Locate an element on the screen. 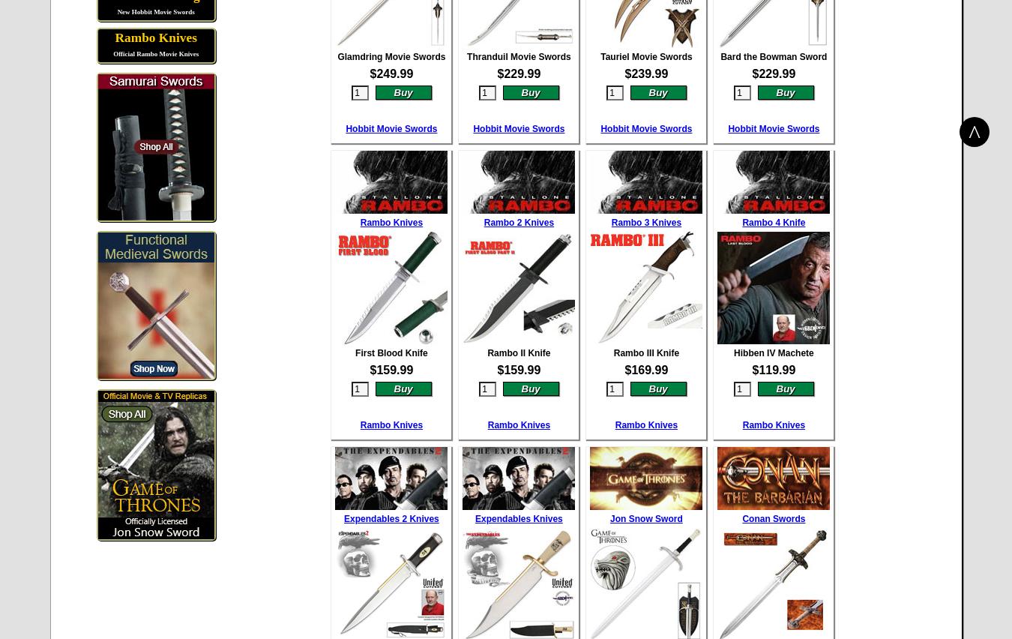 This screenshot has height=639, width=1012. 'Rambo 2 Knives' is located at coordinates (518, 220).